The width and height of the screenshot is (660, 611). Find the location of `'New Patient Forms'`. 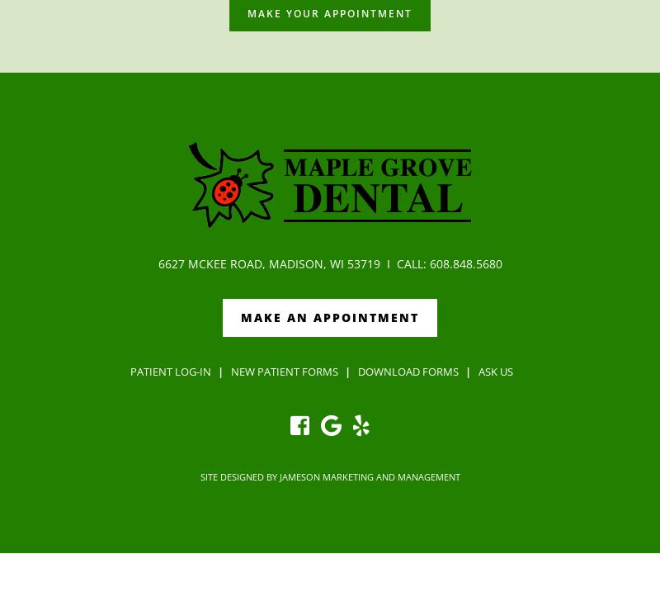

'New Patient Forms' is located at coordinates (284, 370).